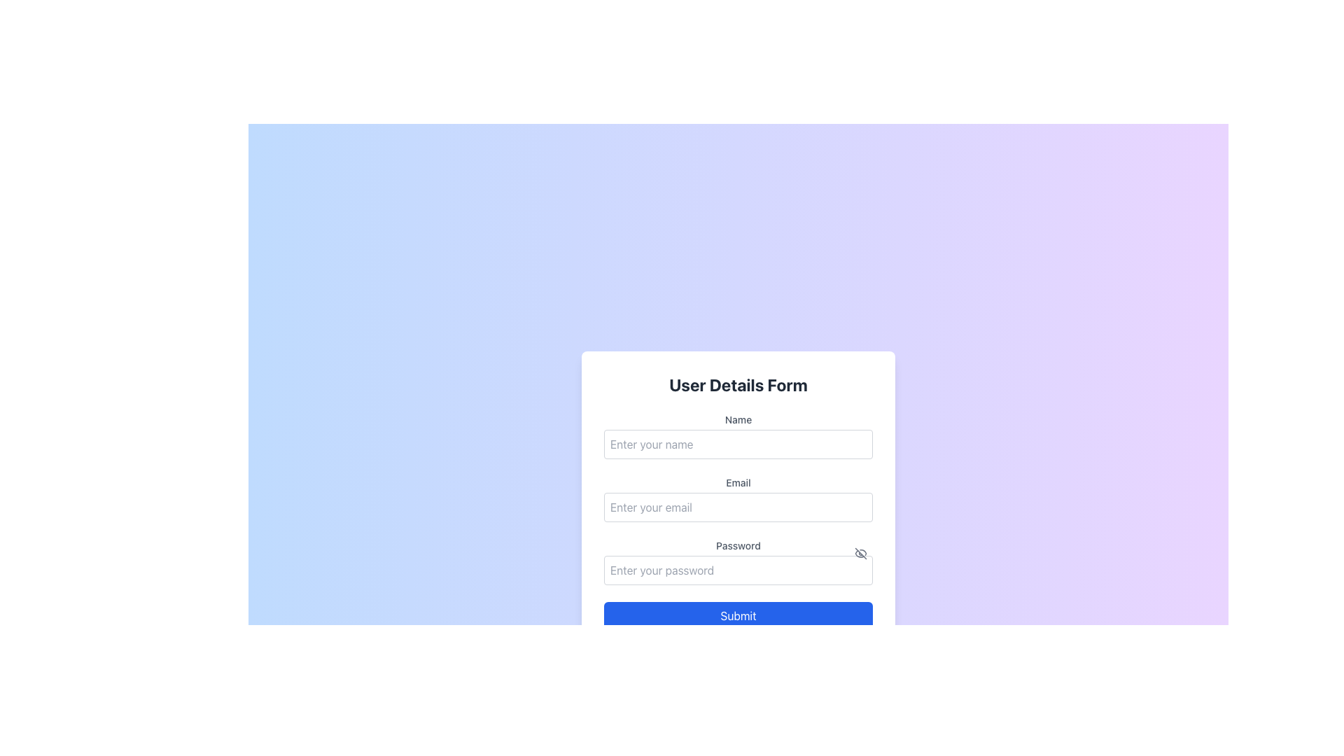  Describe the element at coordinates (738, 385) in the screenshot. I see `the 'User Details Form' text block, which is a bold and large label styled in dark gray, located at the top of the form` at that location.